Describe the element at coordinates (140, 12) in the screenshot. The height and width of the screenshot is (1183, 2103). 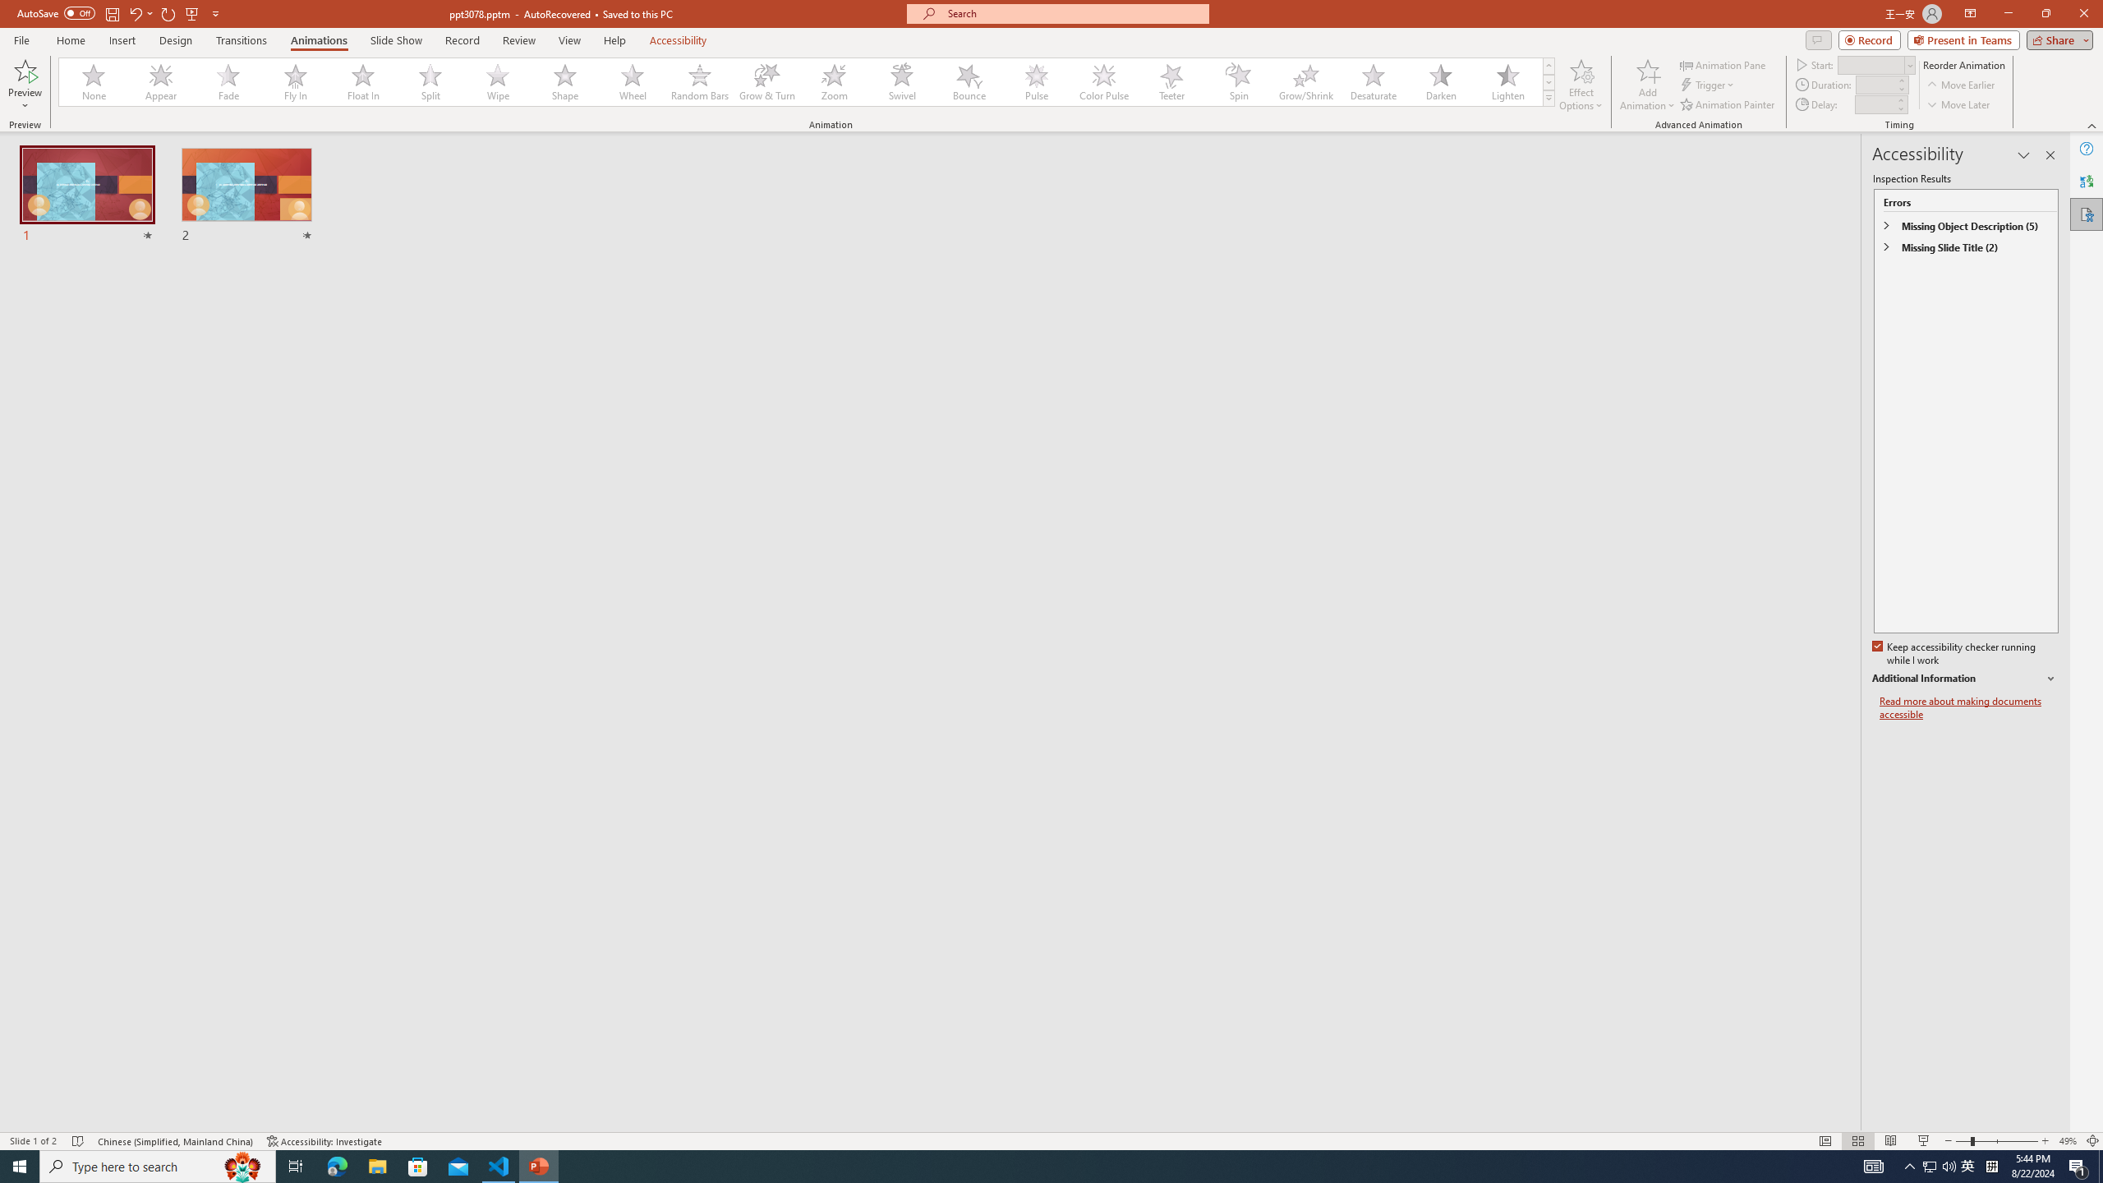
I see `'Undo'` at that location.